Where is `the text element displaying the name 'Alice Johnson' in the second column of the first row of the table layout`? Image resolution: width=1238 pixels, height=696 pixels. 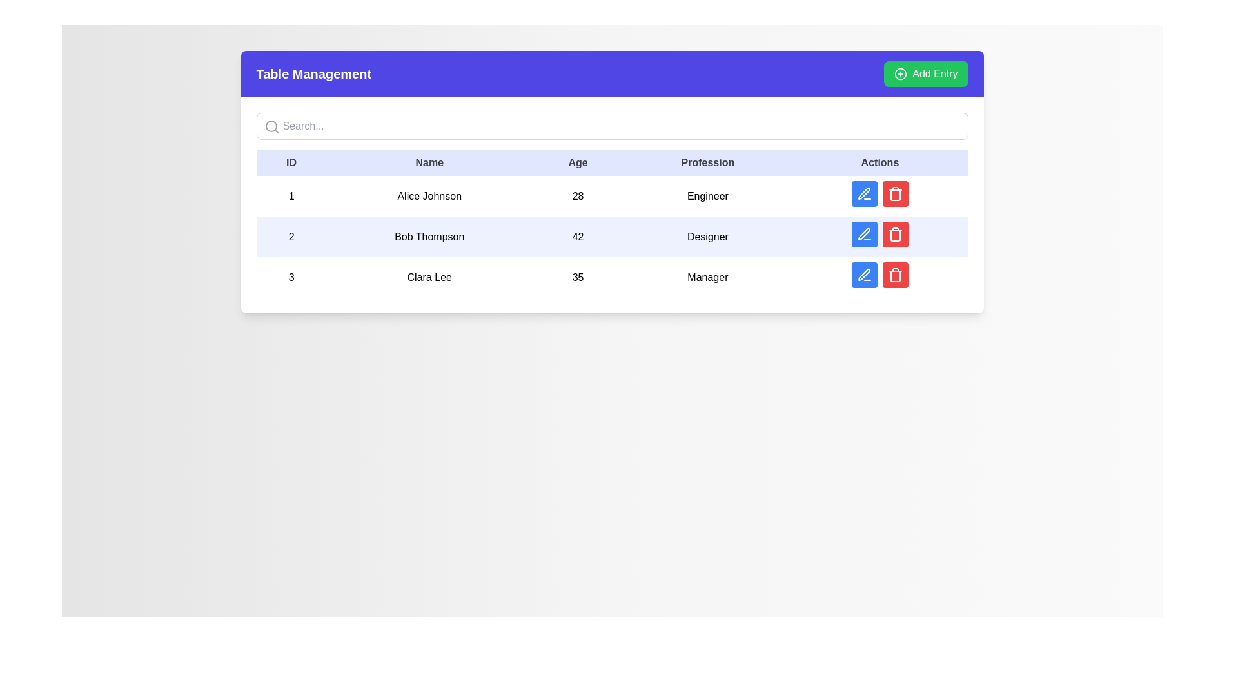
the text element displaying the name 'Alice Johnson' in the second column of the first row of the table layout is located at coordinates (429, 196).